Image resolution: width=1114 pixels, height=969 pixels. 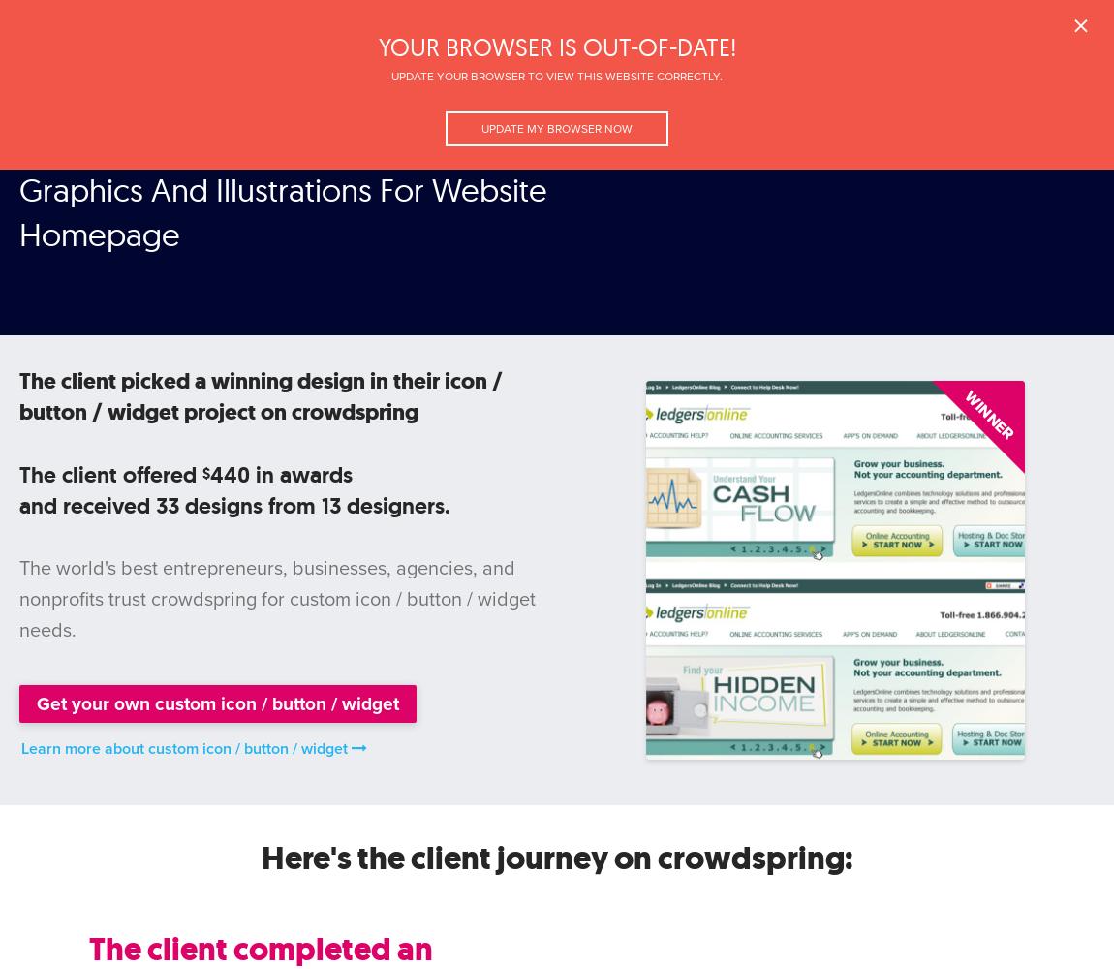 I want to click on 'Graphics and illustrations for website homepage', so click(x=154, y=85).